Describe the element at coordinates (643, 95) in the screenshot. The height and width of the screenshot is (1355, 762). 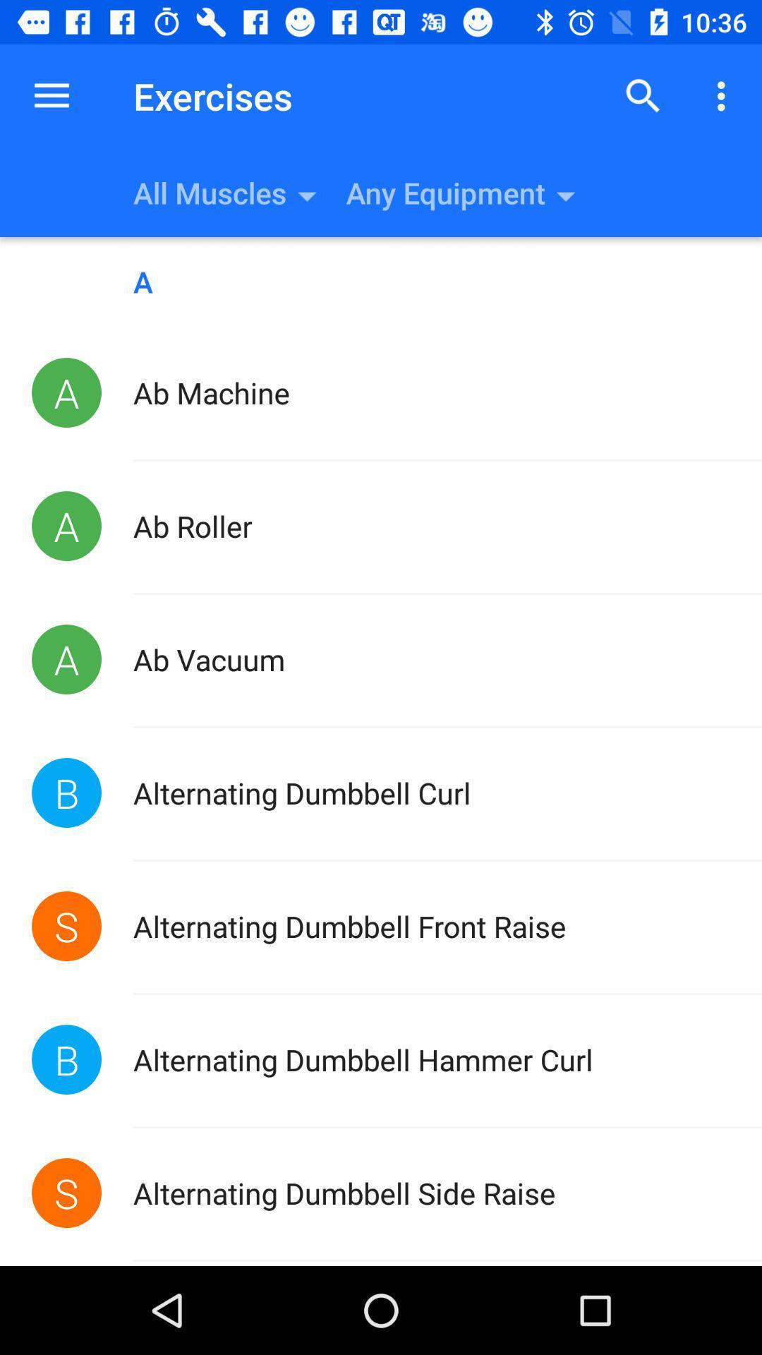
I see `the item above the a` at that location.